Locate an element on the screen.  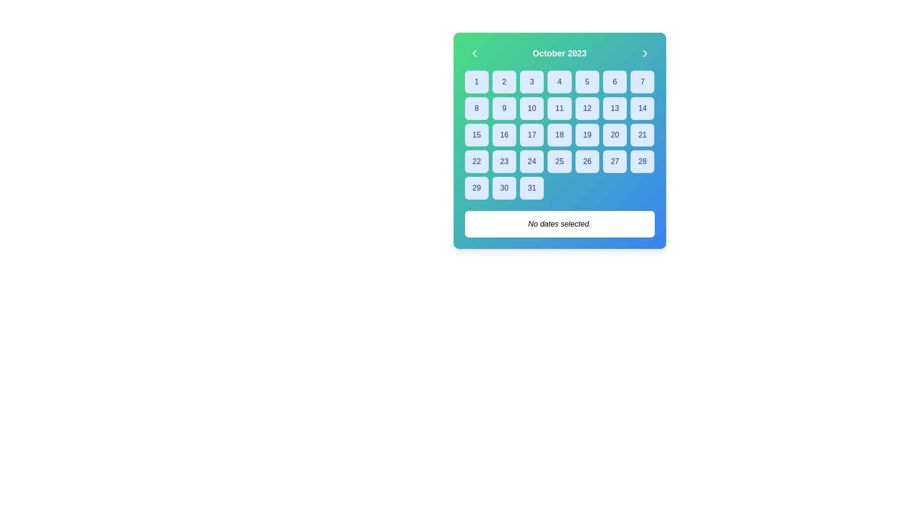
the button with rounded corners and a light blue background that displays the text '15' is located at coordinates (476, 135).